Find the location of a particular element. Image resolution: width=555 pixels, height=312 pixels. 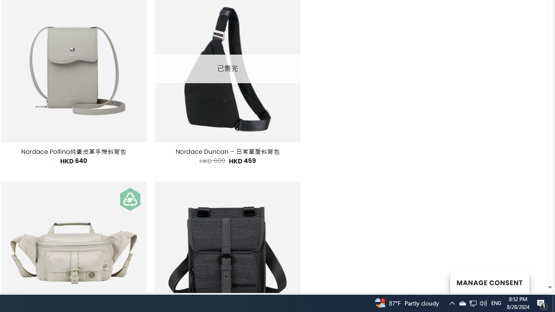

'MANAGE CONSENT' is located at coordinates (489, 282).